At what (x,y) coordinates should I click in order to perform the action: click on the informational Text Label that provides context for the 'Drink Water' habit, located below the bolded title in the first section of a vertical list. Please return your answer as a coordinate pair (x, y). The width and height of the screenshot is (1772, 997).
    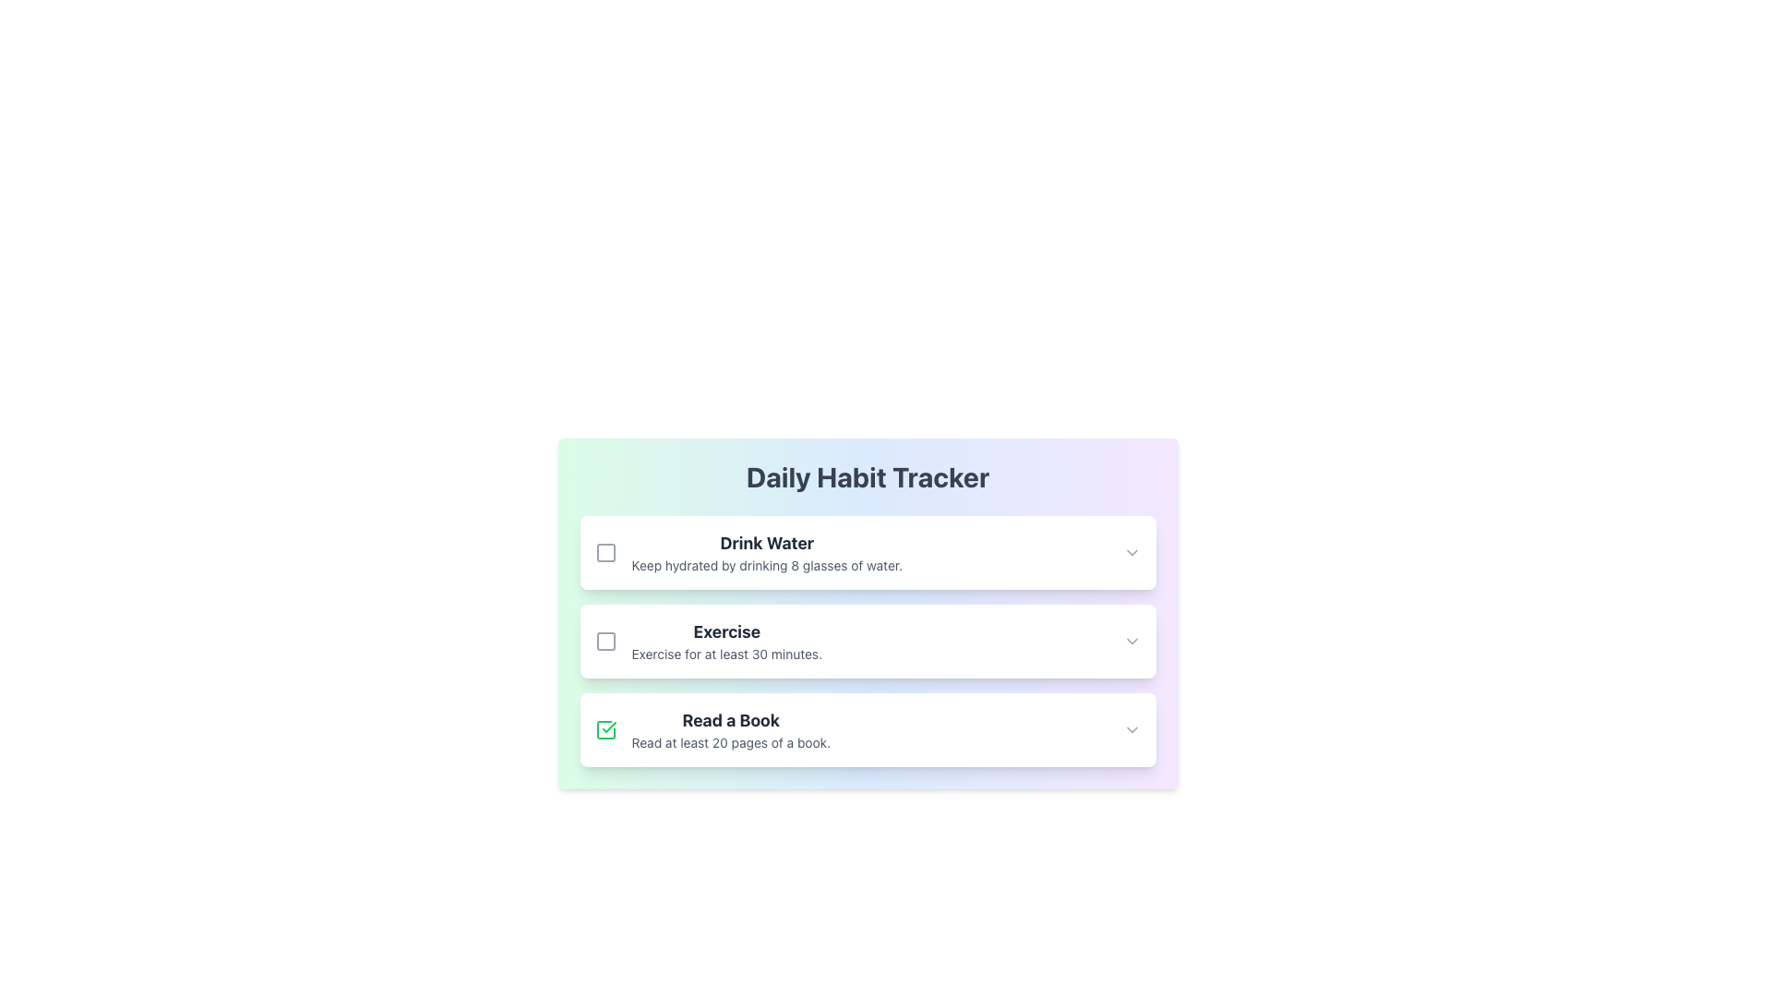
    Looking at the image, I should click on (767, 565).